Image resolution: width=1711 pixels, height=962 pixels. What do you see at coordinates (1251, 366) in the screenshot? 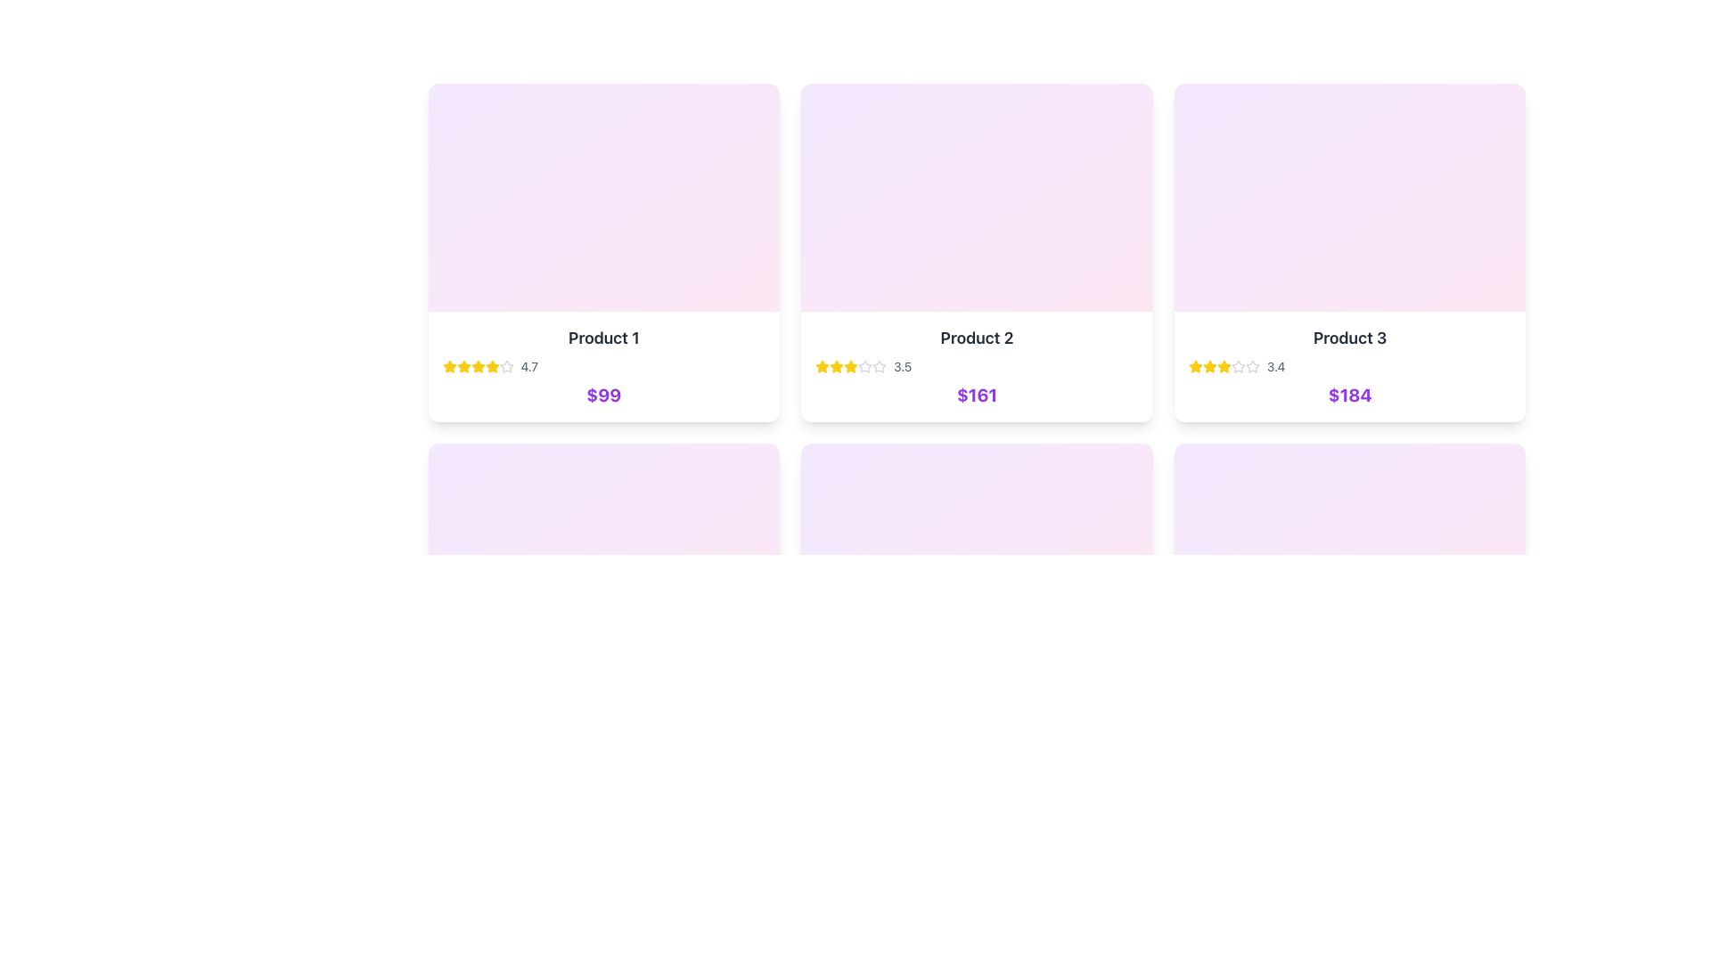
I see `the fifth outlined star icon in the rating section of the third product card, which is empty and located to the left of the text '3.4'` at bounding box center [1251, 366].